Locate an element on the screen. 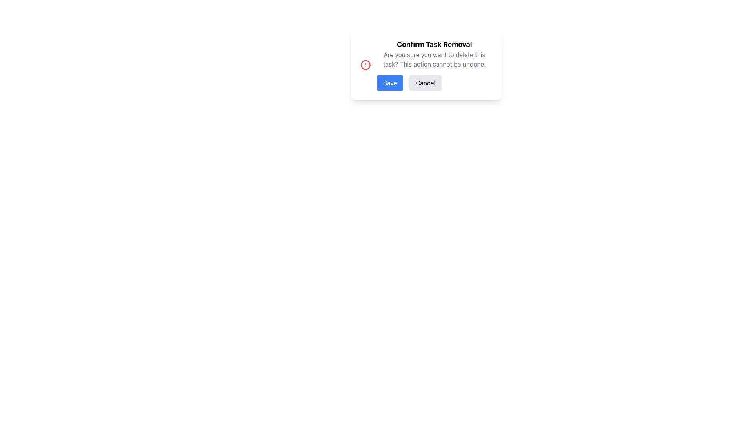 This screenshot has height=423, width=753. the header text element labeled 'Confirm Task Removal' at the top of the confirmation dialog box is located at coordinates (434, 45).